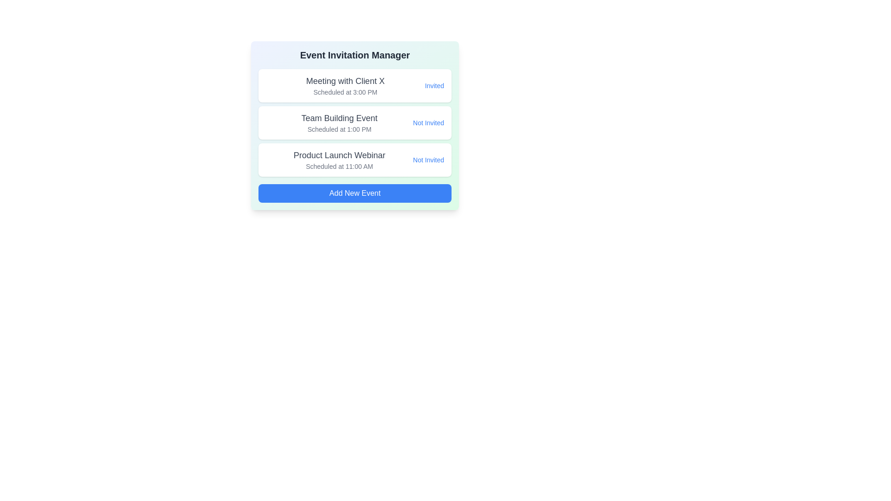  What do you see at coordinates (428, 122) in the screenshot?
I see `the invitation status button for the event Team Building Event` at bounding box center [428, 122].